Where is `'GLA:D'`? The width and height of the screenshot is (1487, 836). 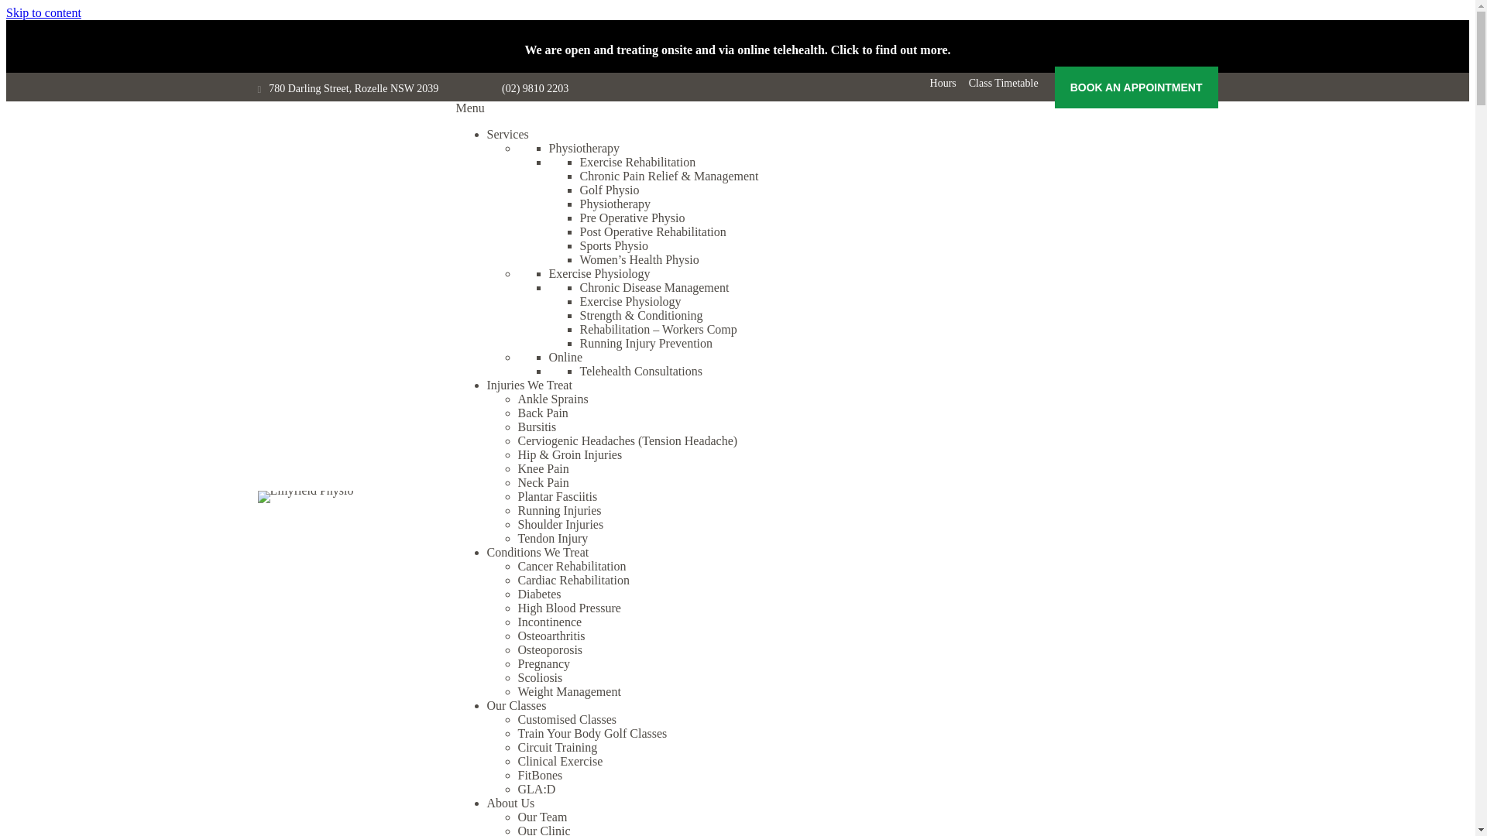 'GLA:D' is located at coordinates (536, 789).